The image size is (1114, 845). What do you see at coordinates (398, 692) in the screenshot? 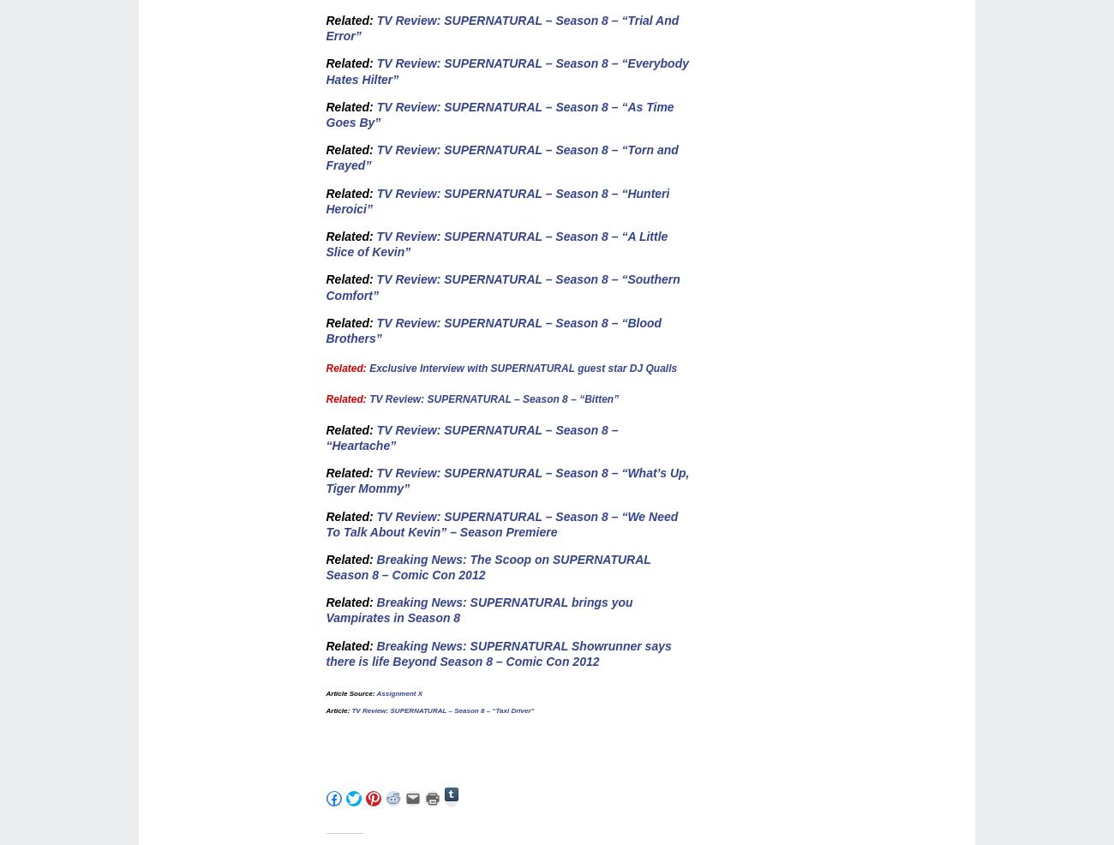
I see `'Assignment X'` at bounding box center [398, 692].